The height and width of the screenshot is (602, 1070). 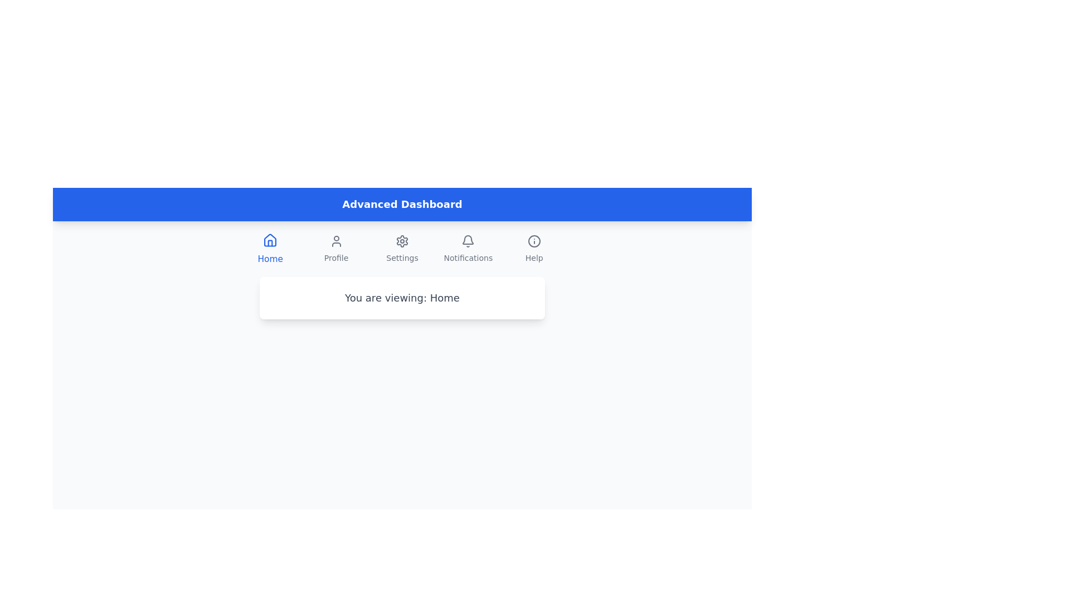 I want to click on the user profile icon in the navigation bar, which is the second element after 'Home' and above the word 'Profile', so click(x=335, y=240).